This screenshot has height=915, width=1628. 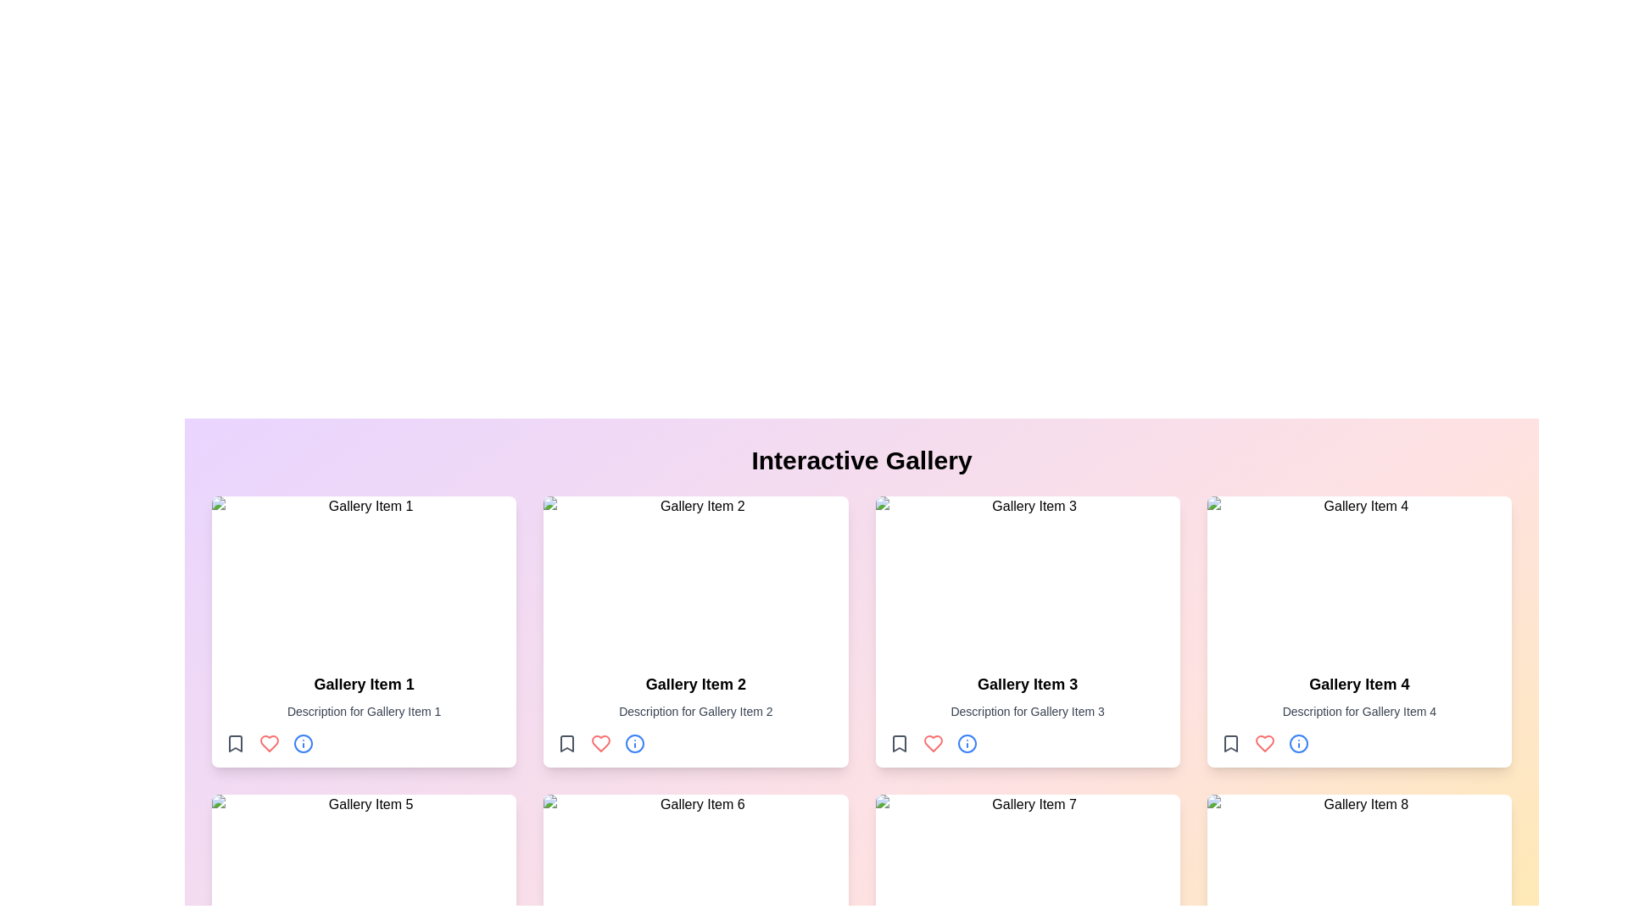 What do you see at coordinates (235, 743) in the screenshot?
I see `the bookmark icon located in the bottom-left corner of the first card in the grid layout` at bounding box center [235, 743].